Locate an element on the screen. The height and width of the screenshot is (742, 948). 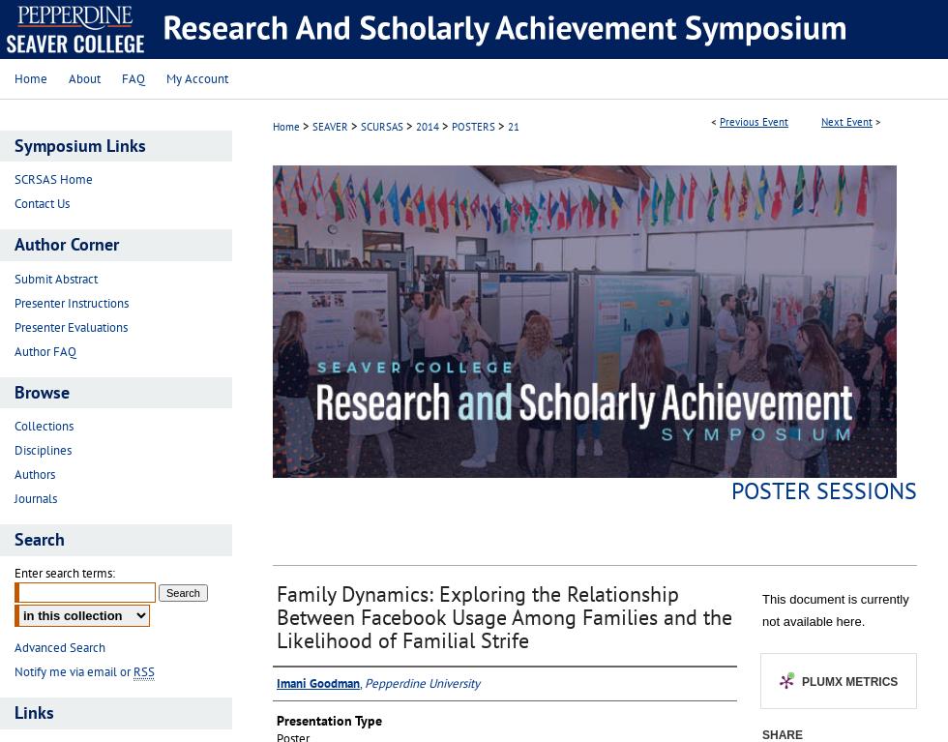
'Collections' is located at coordinates (44, 425).